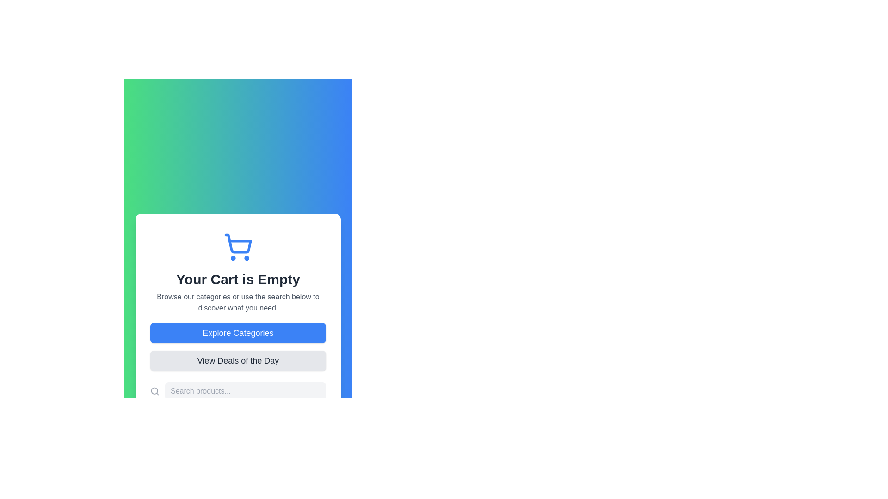  I want to click on the bold text saying 'Your Cart is Empty' located in the central panel of the user interface, which is in dark gray font and positioned below a shopping cart icon, so click(238, 279).